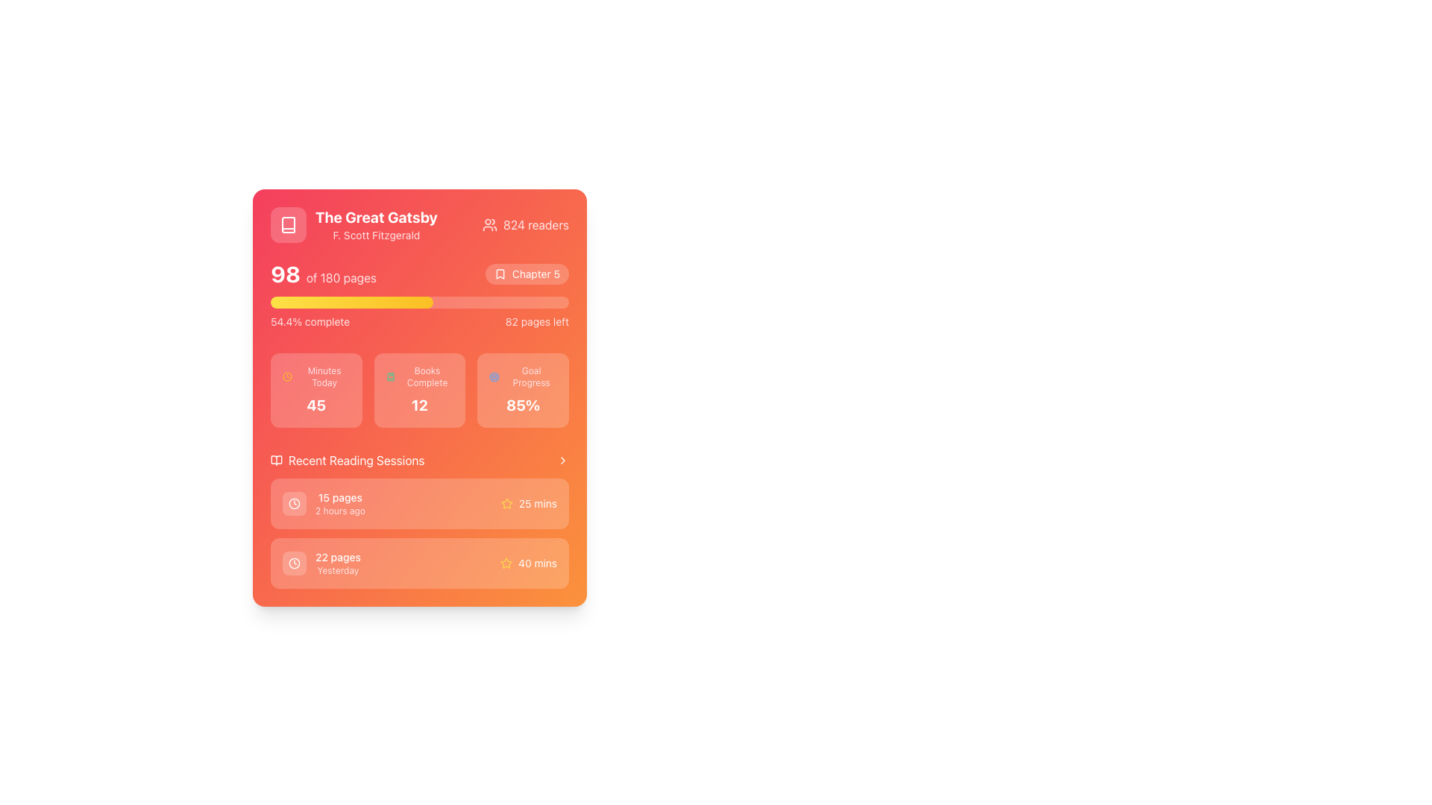 The height and width of the screenshot is (805, 1432). Describe the element at coordinates (289, 224) in the screenshot. I see `the SVG Icon representing a book, located at the top-left corner of the card interface near 'The Great Gatsby'` at that location.